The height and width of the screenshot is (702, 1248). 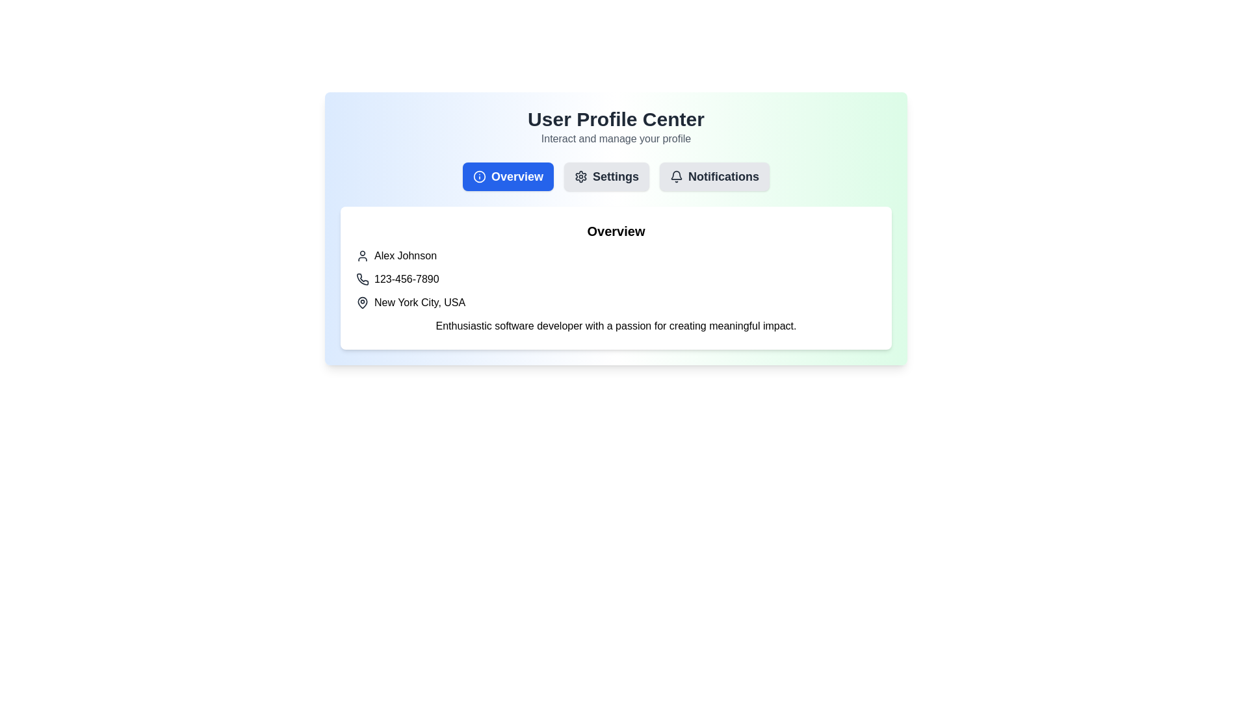 I want to click on the 'Overview' text label, which is a bold and larger font element located at the top center of the layout, directly below the header section, so click(x=616, y=230).